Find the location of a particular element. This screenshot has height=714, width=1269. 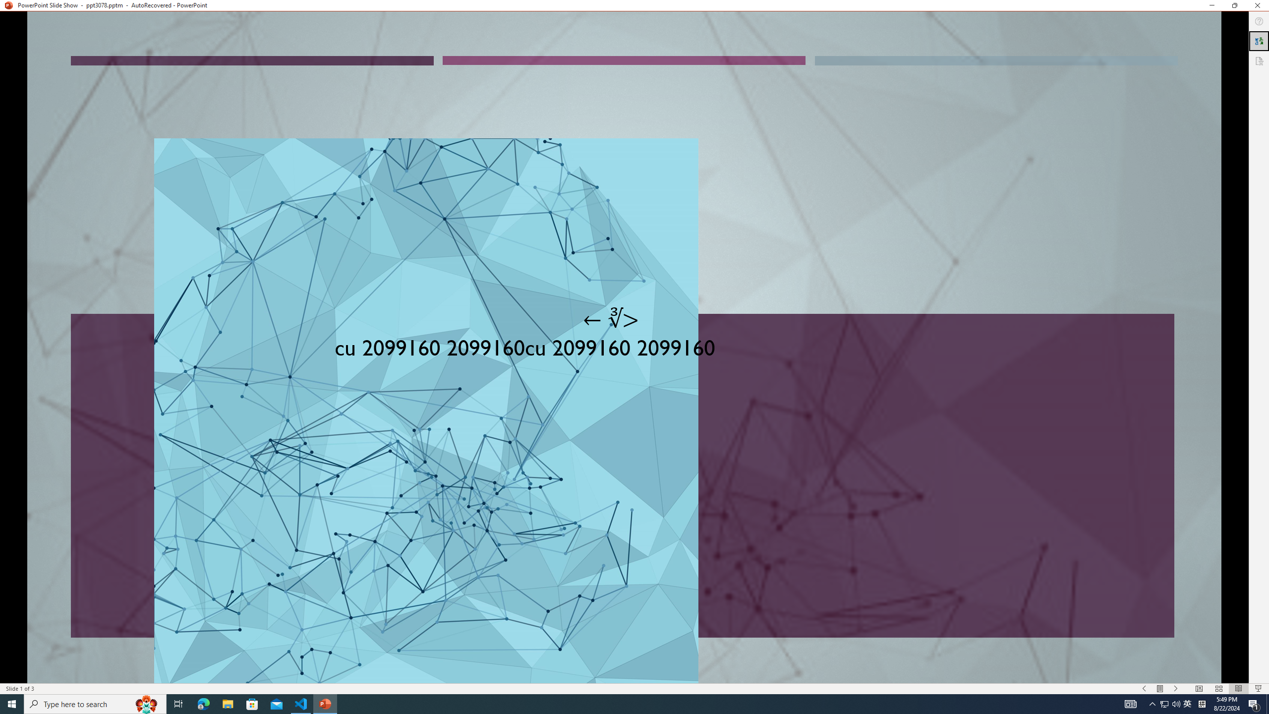

'System' is located at coordinates (5, 4).